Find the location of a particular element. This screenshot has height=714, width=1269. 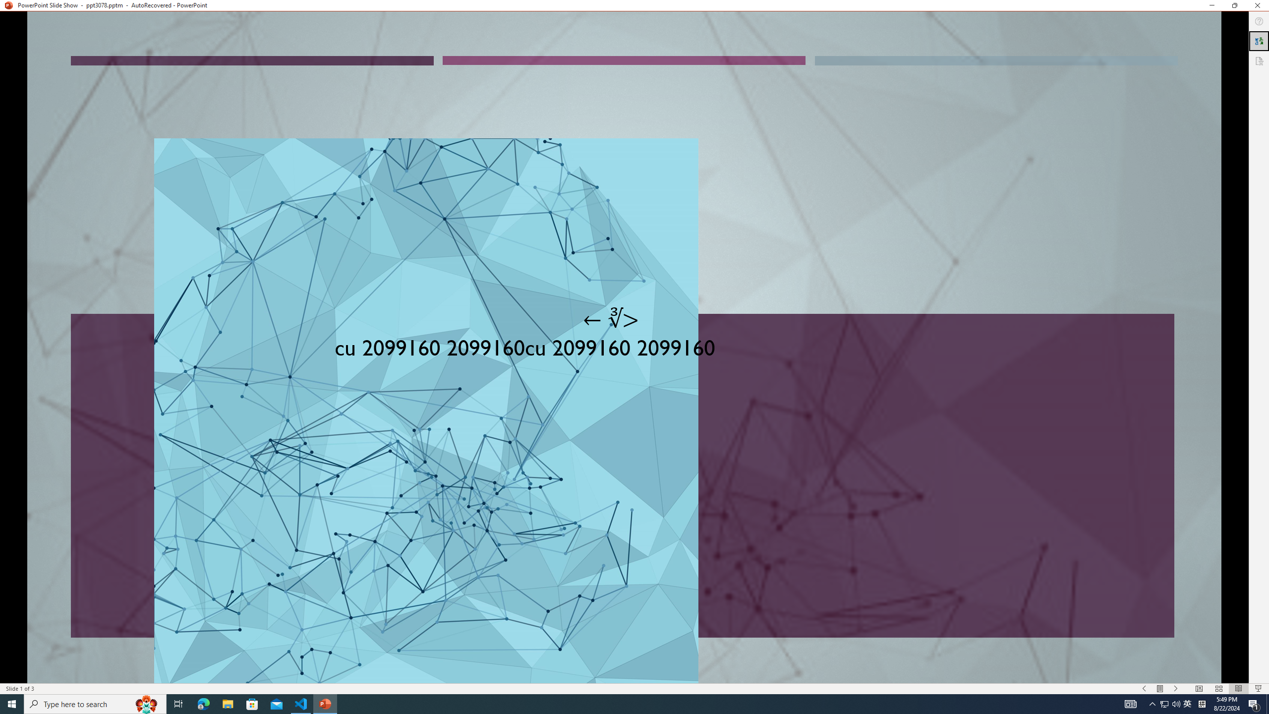

'System' is located at coordinates (5, 4).